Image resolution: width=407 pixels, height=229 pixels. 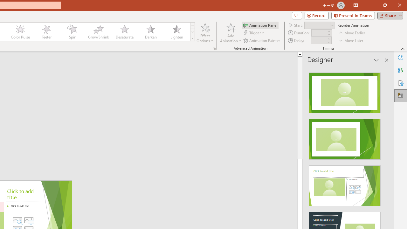 What do you see at coordinates (176, 32) in the screenshot?
I see `'Lighten'` at bounding box center [176, 32].